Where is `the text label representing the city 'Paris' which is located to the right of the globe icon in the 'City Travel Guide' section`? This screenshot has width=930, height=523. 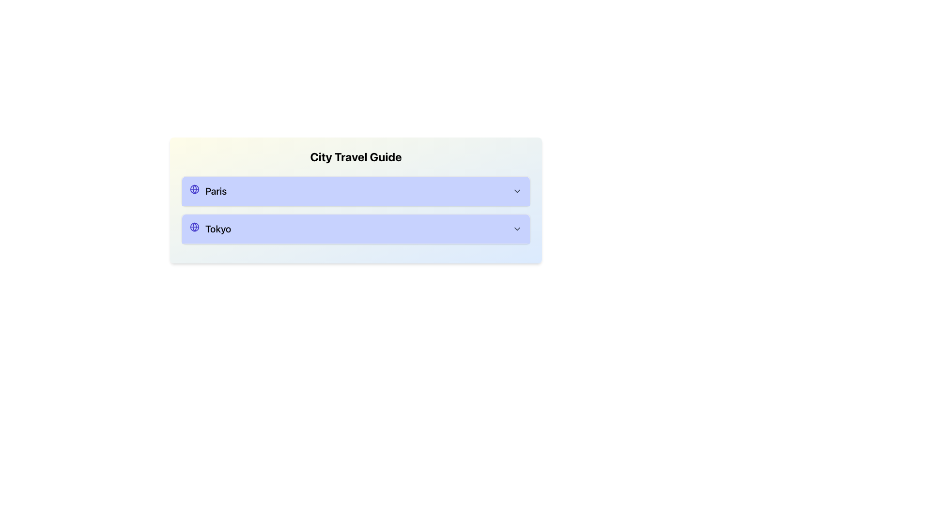 the text label representing the city 'Paris' which is located to the right of the globe icon in the 'City Travel Guide' section is located at coordinates (208, 191).